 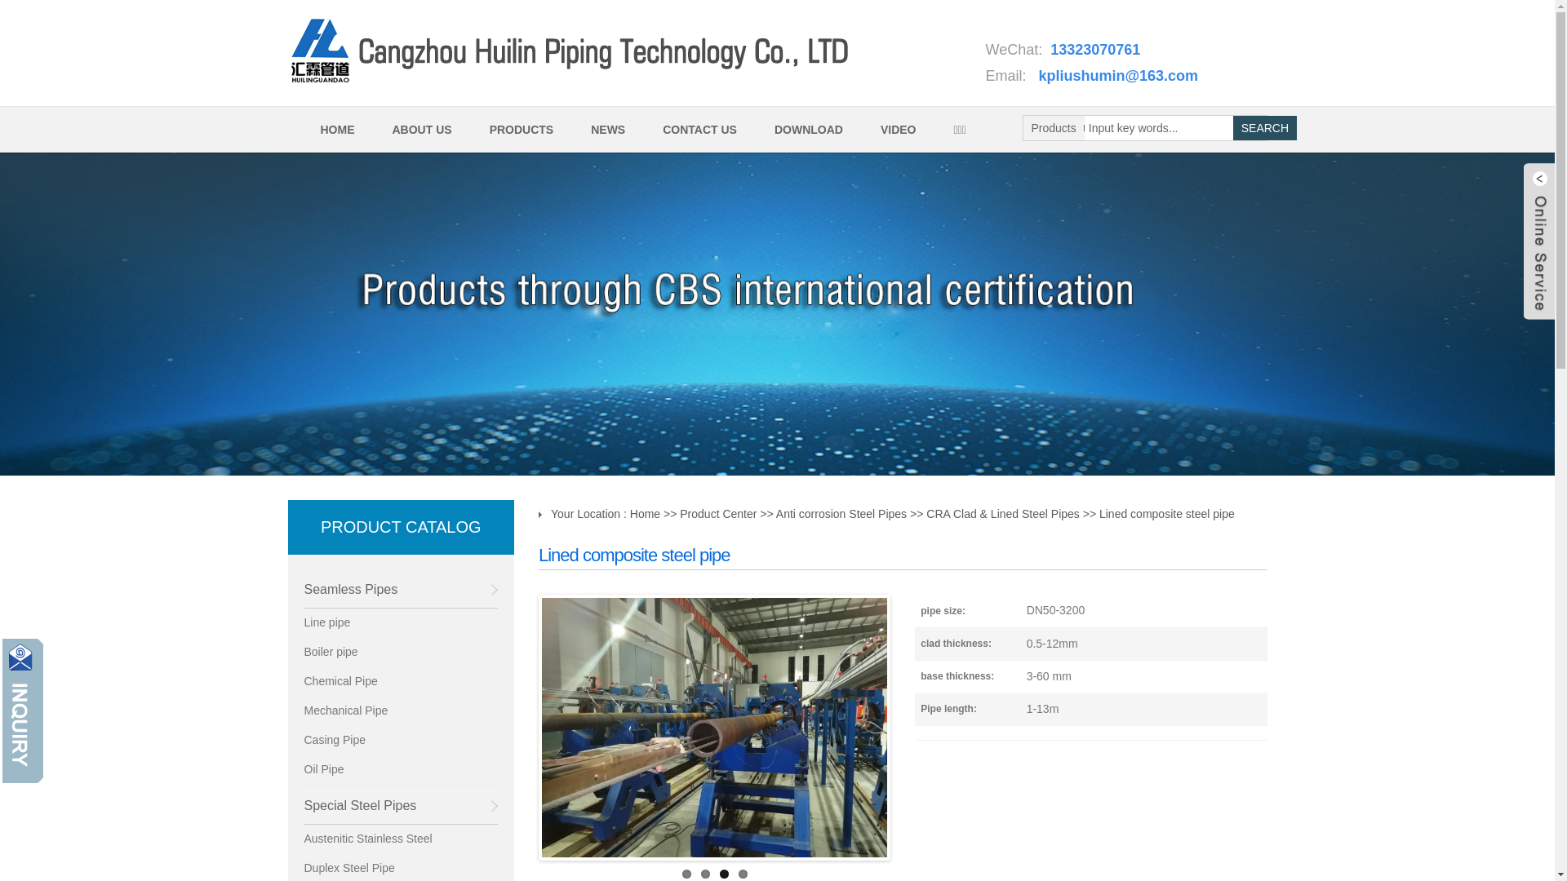 What do you see at coordinates (400, 770) in the screenshot?
I see `'Oil Pipe'` at bounding box center [400, 770].